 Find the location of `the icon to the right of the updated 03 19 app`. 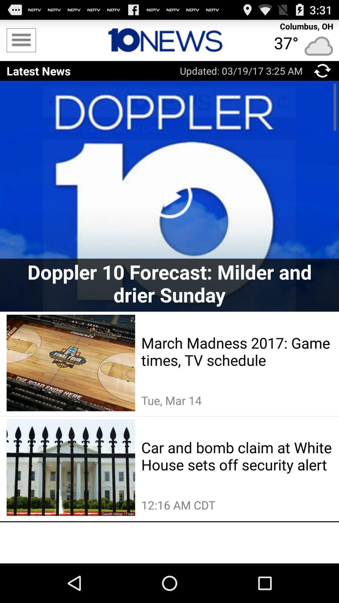

the icon to the right of the updated 03 19 app is located at coordinates (322, 71).